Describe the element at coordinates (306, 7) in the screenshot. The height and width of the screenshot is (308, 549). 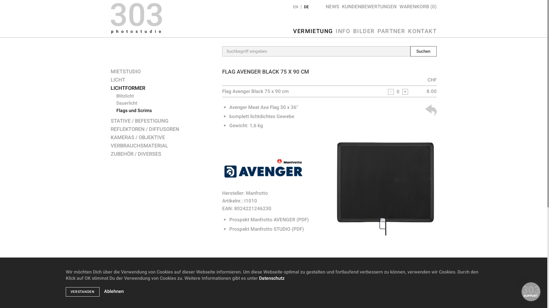
I see `'DE'` at that location.